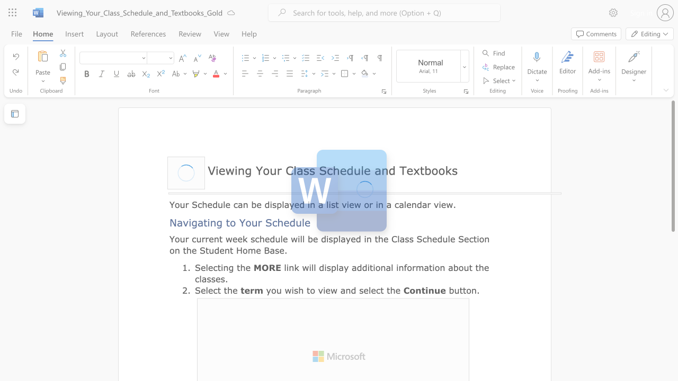 The image size is (678, 381). Describe the element at coordinates (672, 355) in the screenshot. I see `the scrollbar on the side` at that location.